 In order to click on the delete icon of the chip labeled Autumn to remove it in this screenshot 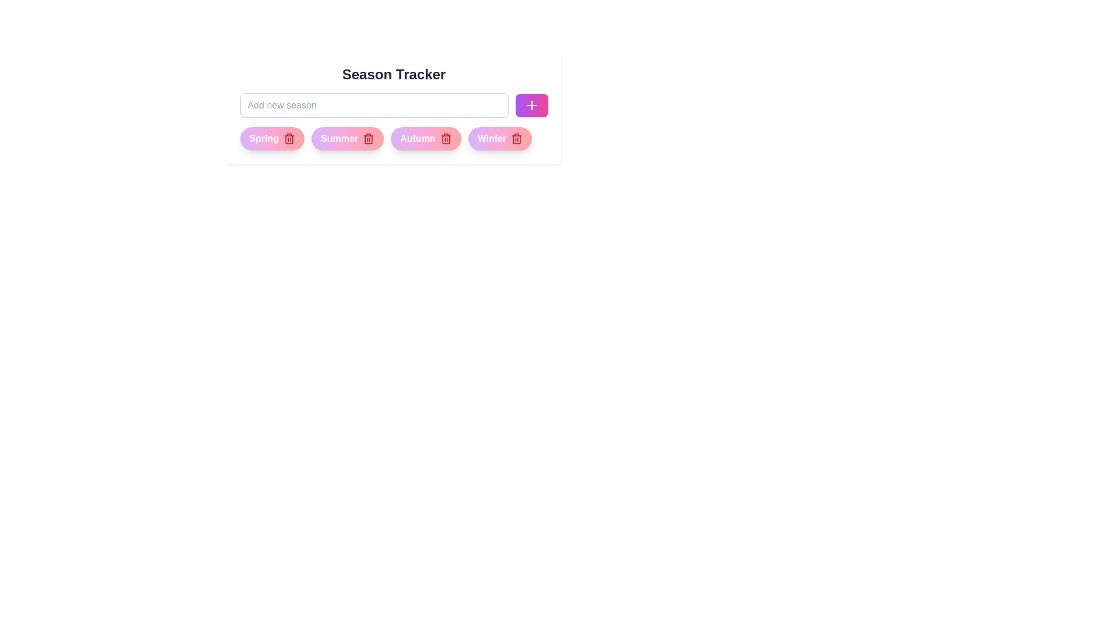, I will do `click(445, 138)`.